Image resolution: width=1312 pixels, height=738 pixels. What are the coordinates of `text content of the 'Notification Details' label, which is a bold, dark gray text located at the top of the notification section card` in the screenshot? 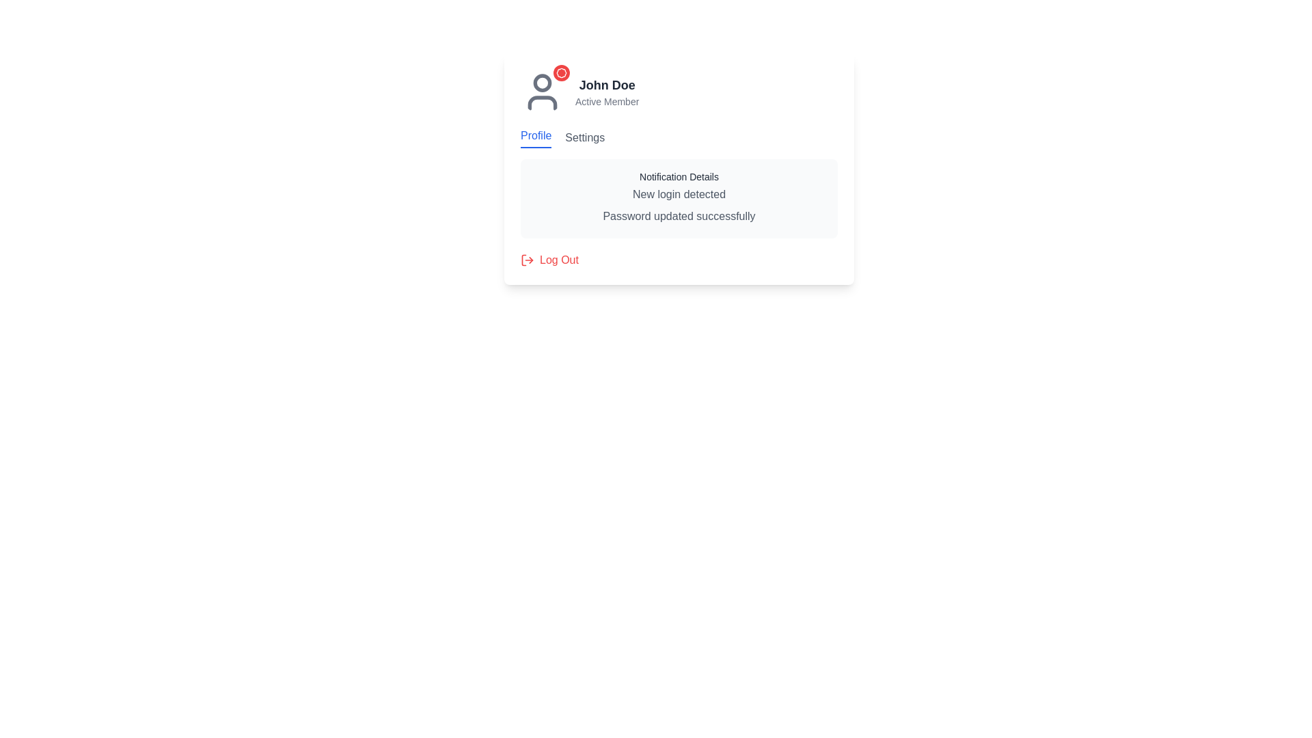 It's located at (679, 176).